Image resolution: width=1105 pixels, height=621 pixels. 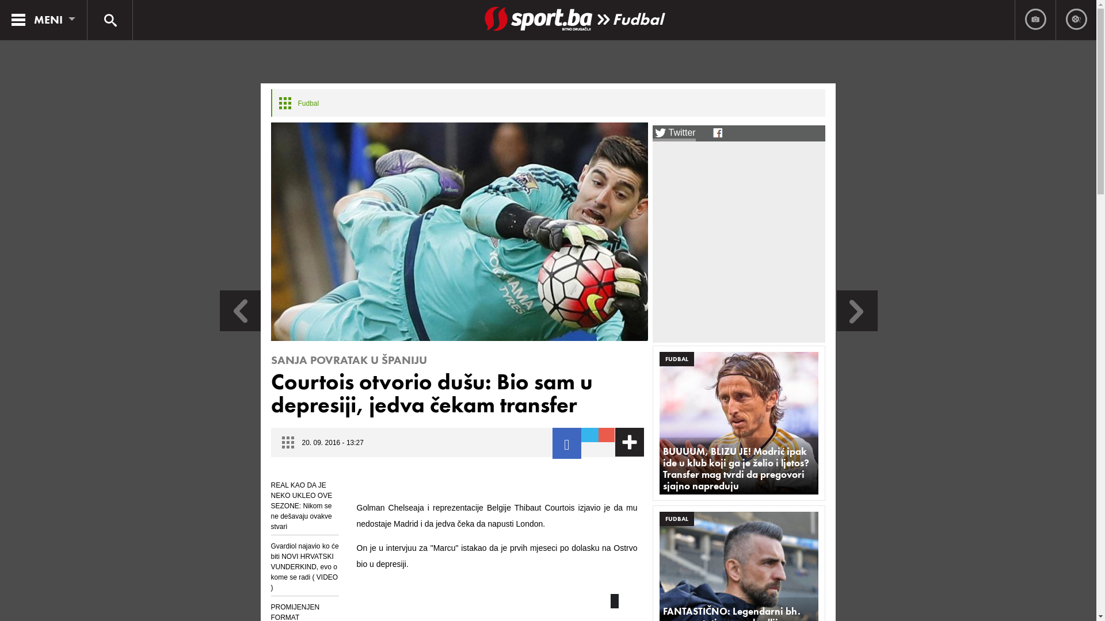 What do you see at coordinates (677, 358) in the screenshot?
I see `'FUDBAL'` at bounding box center [677, 358].